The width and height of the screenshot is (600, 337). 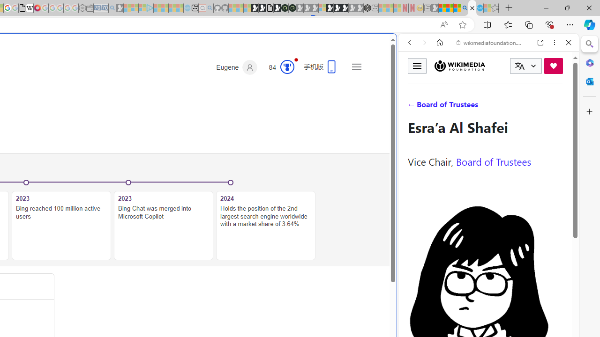 I want to click on 'Target page - Wikipedia', so click(x=30, y=8).